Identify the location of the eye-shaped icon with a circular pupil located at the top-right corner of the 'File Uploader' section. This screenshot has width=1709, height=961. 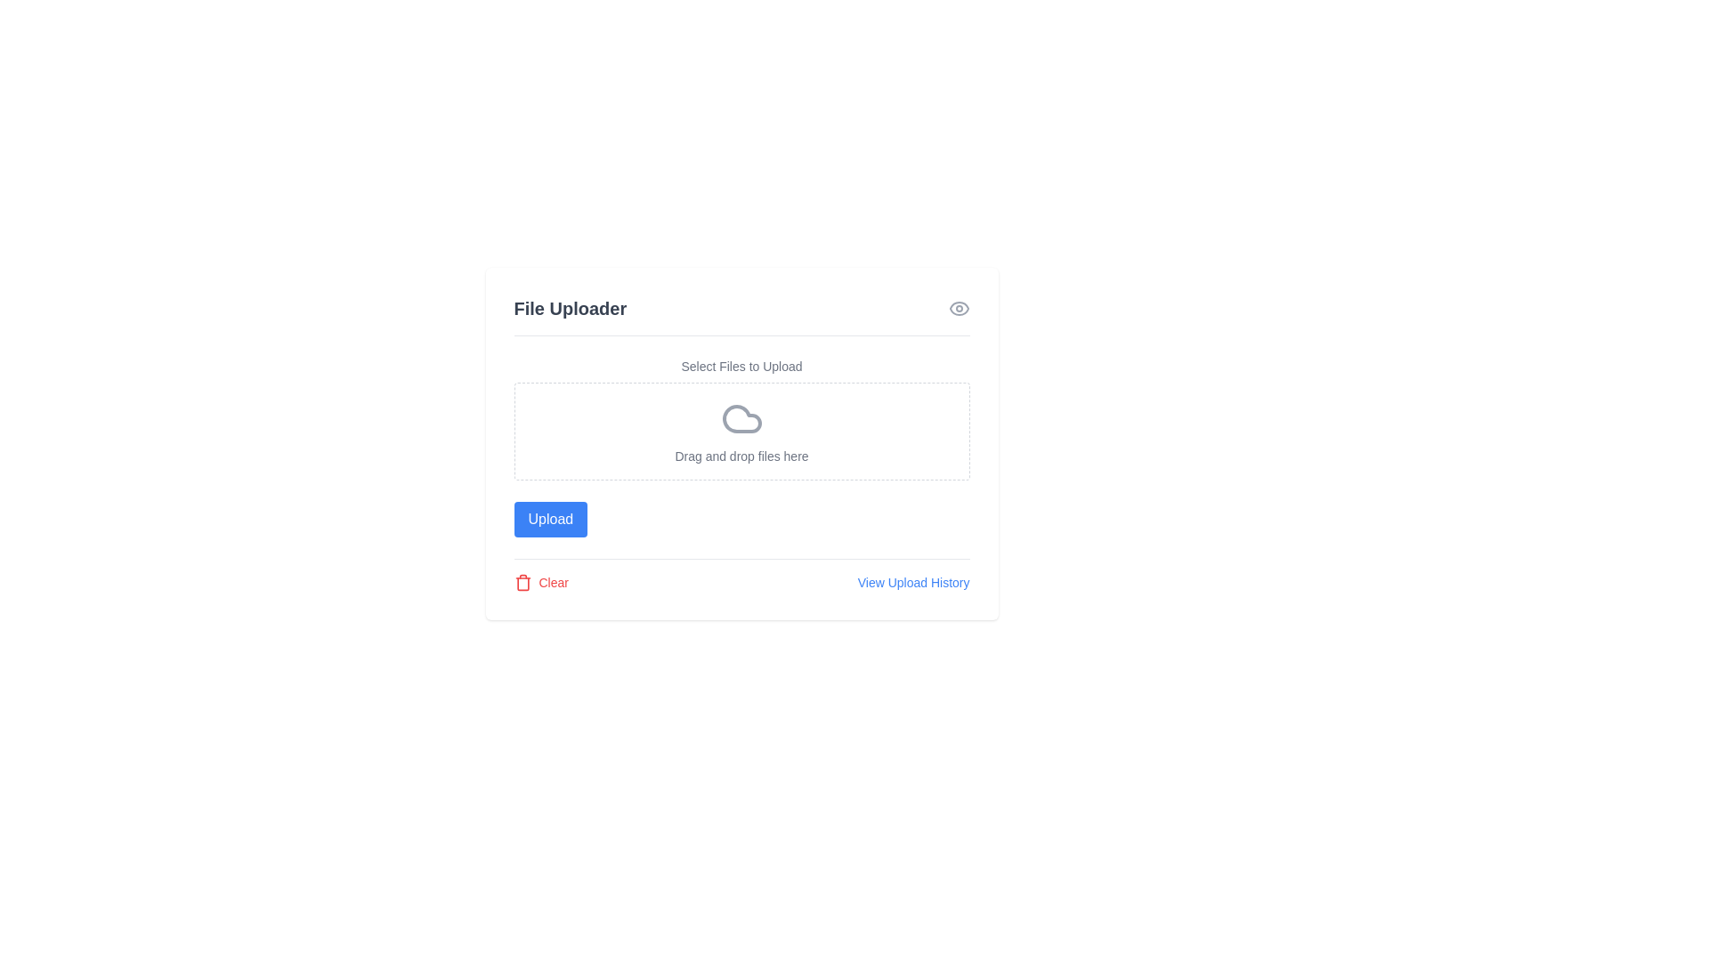
(958, 308).